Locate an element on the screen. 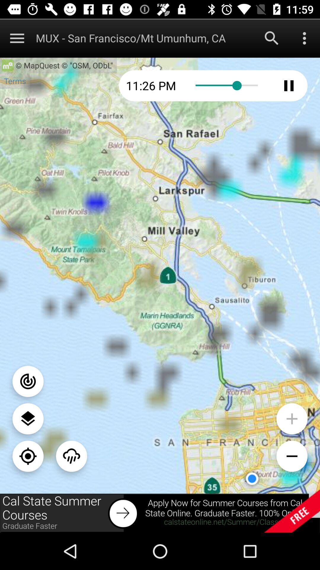 The image size is (320, 570). pause audio is located at coordinates (289, 85).